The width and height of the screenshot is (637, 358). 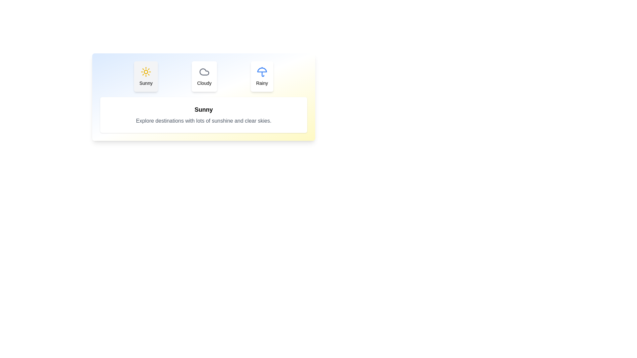 What do you see at coordinates (146, 76) in the screenshot?
I see `the Sunny button to view its details` at bounding box center [146, 76].